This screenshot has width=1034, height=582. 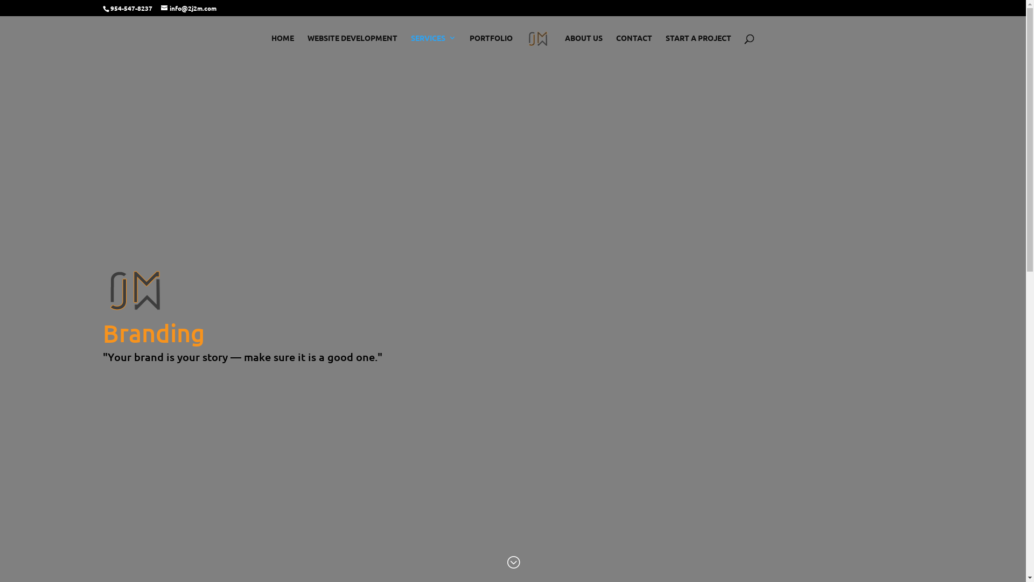 I want to click on ';', so click(x=506, y=563).